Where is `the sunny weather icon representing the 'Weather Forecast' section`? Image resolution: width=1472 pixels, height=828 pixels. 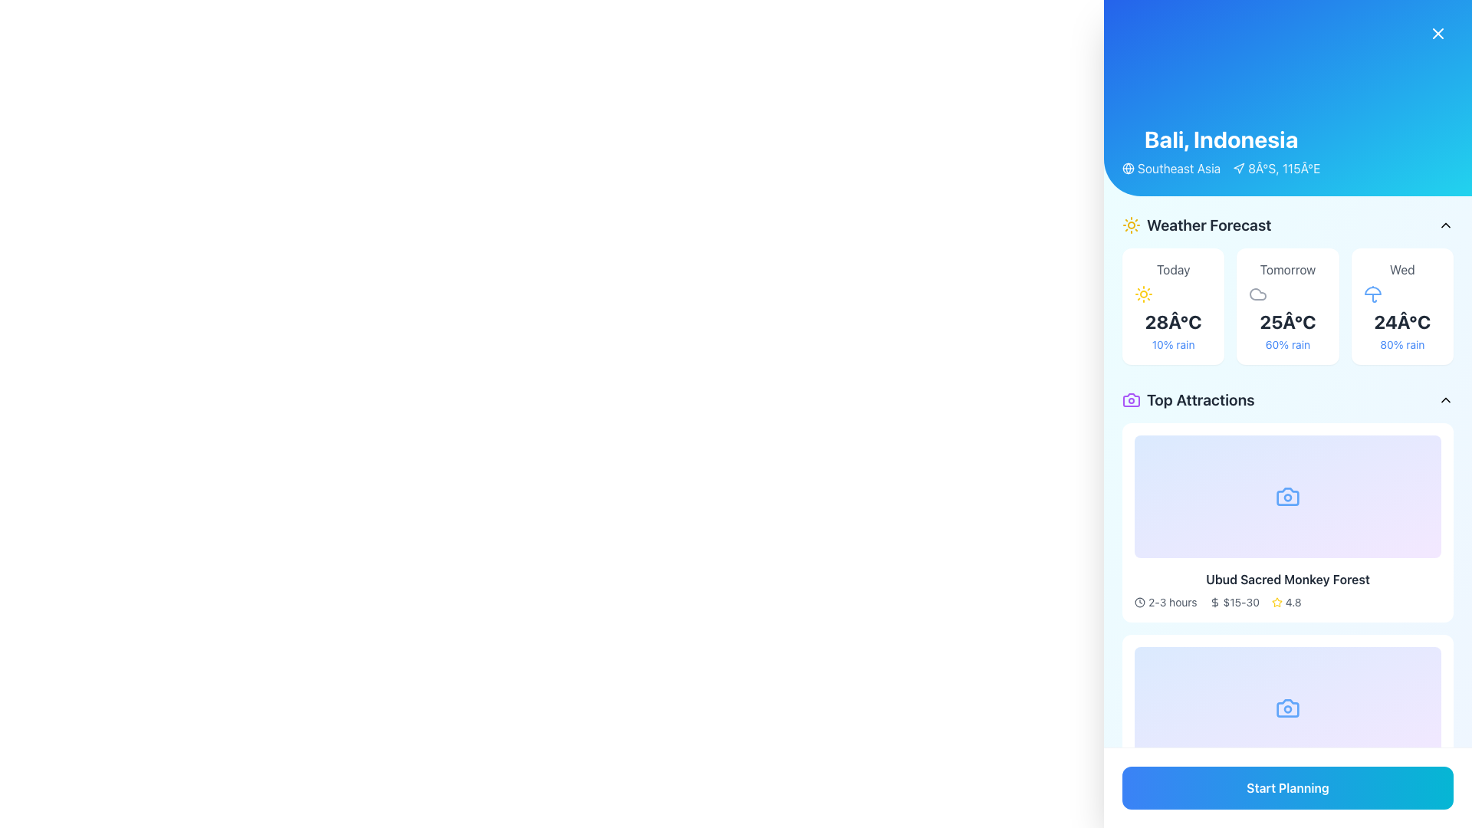 the sunny weather icon representing the 'Weather Forecast' section is located at coordinates (1132, 225).